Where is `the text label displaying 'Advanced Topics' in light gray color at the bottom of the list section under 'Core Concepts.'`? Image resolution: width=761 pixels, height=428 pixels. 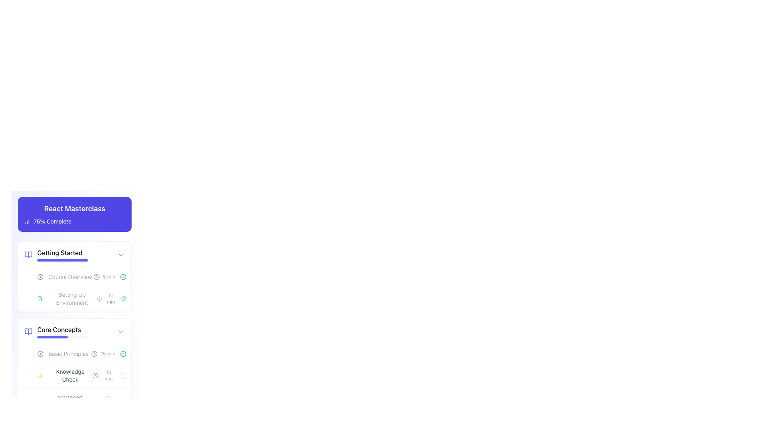
the text label displaying 'Advanced Topics' in light gray color at the bottom of the list section under 'Core Concepts.' is located at coordinates (69, 401).